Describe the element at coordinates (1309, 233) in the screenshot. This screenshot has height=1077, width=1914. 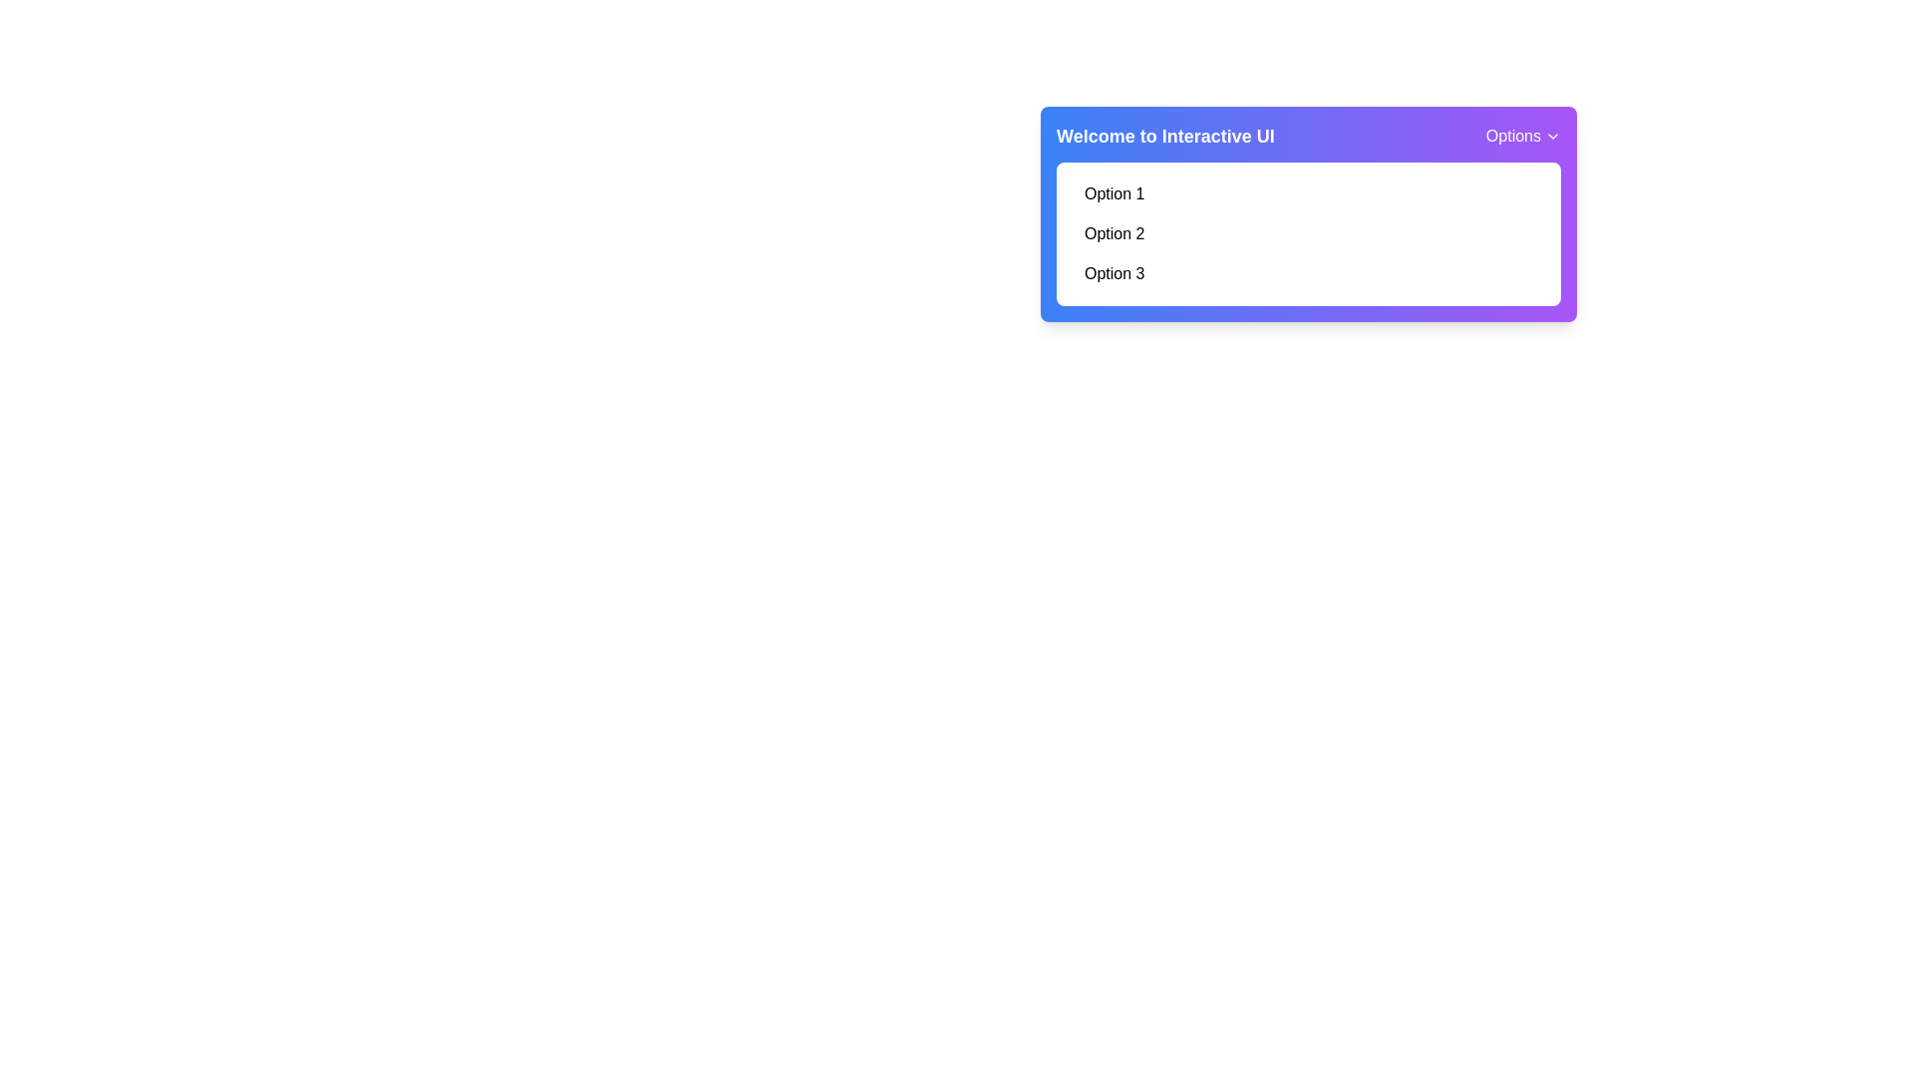
I see `the dropdown menu containing three options labeled 'Option 1', 'Option 2', and 'Option 3'` at that location.